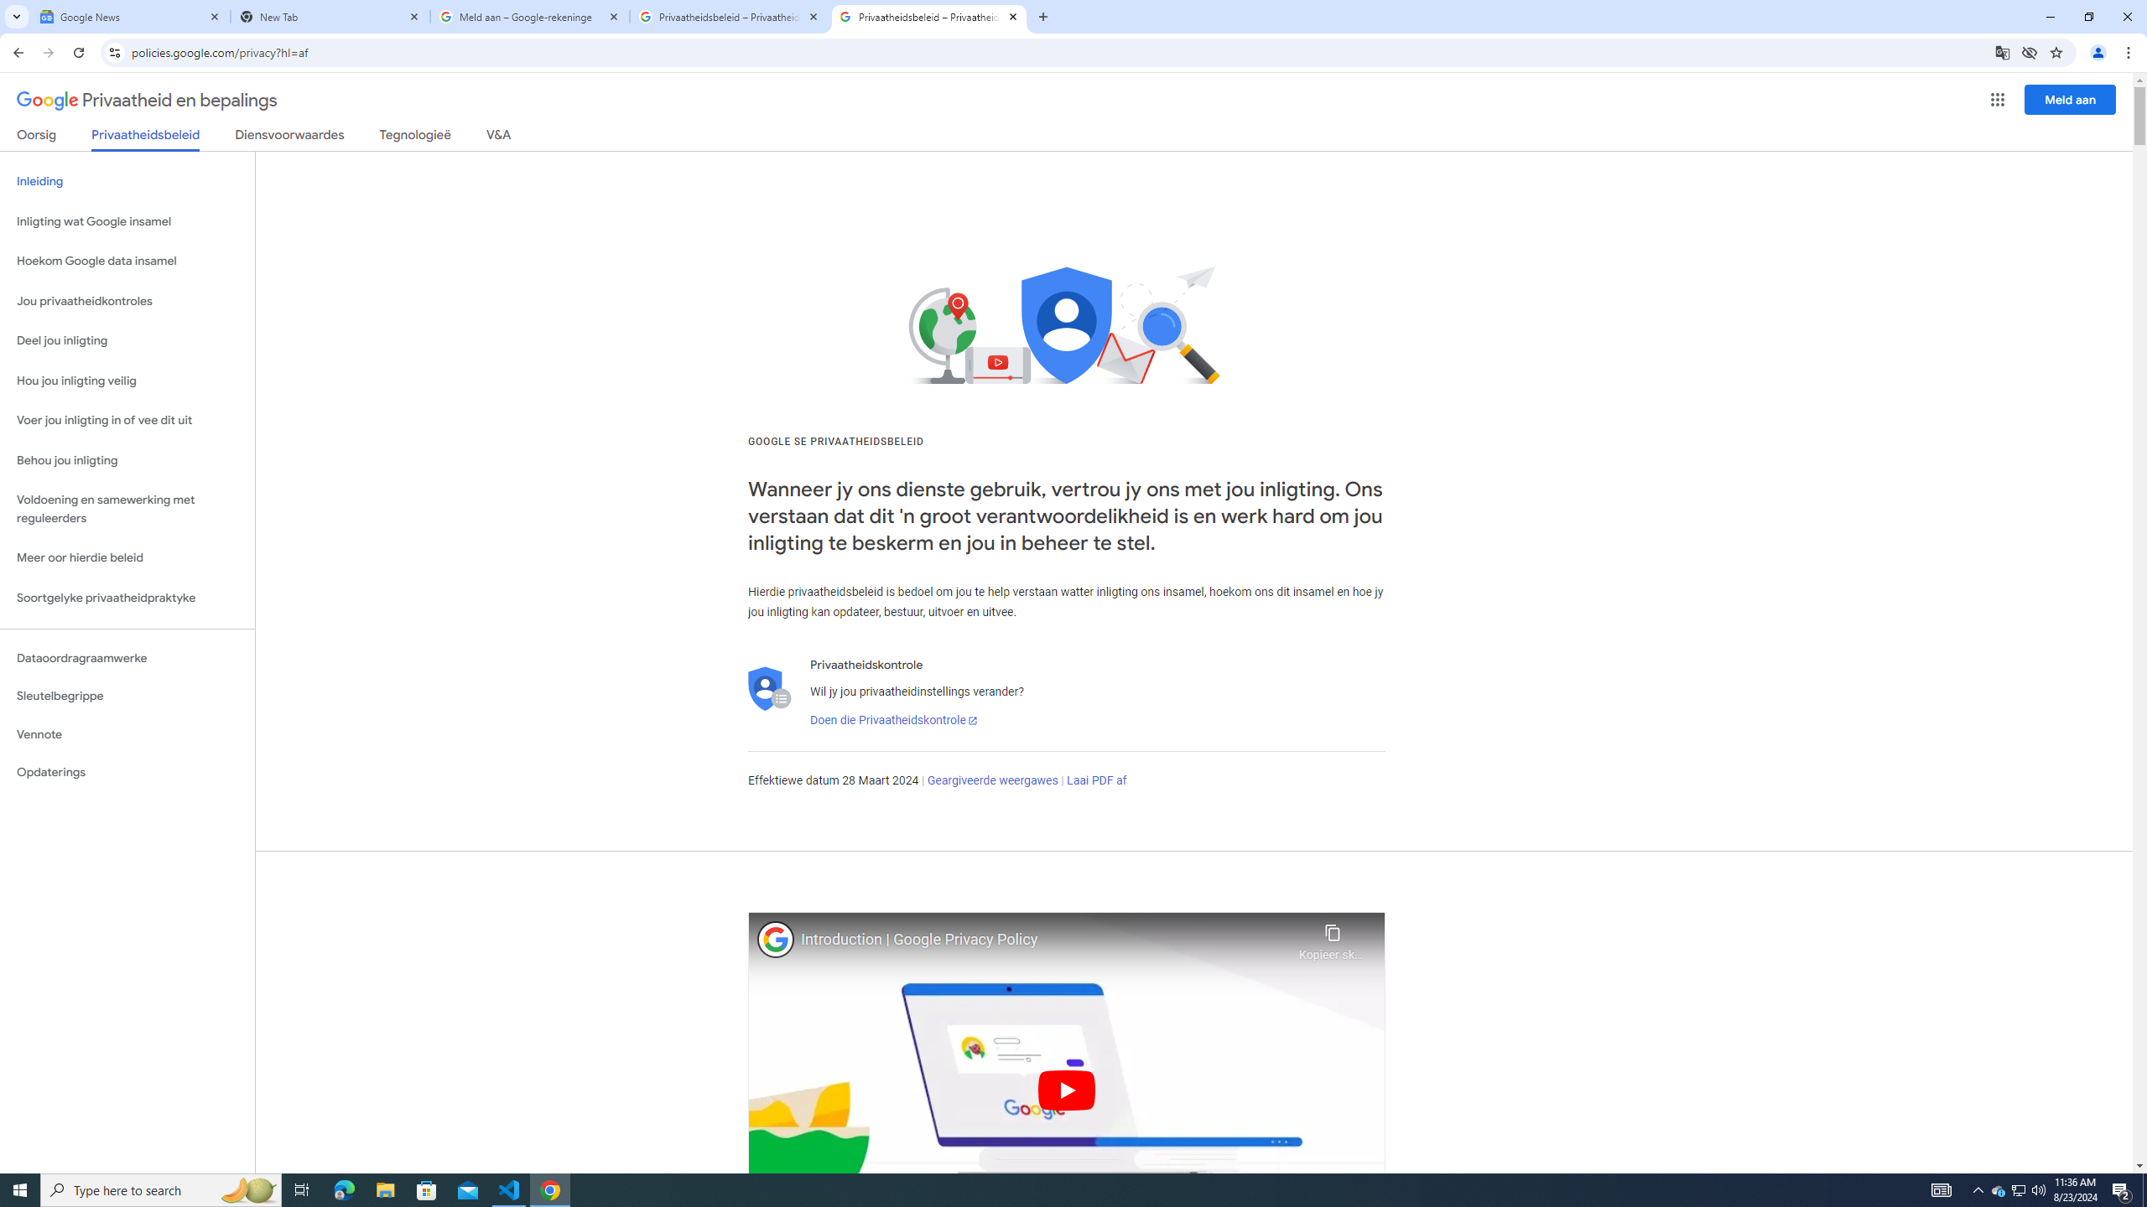  I want to click on 'V&A', so click(496, 137).